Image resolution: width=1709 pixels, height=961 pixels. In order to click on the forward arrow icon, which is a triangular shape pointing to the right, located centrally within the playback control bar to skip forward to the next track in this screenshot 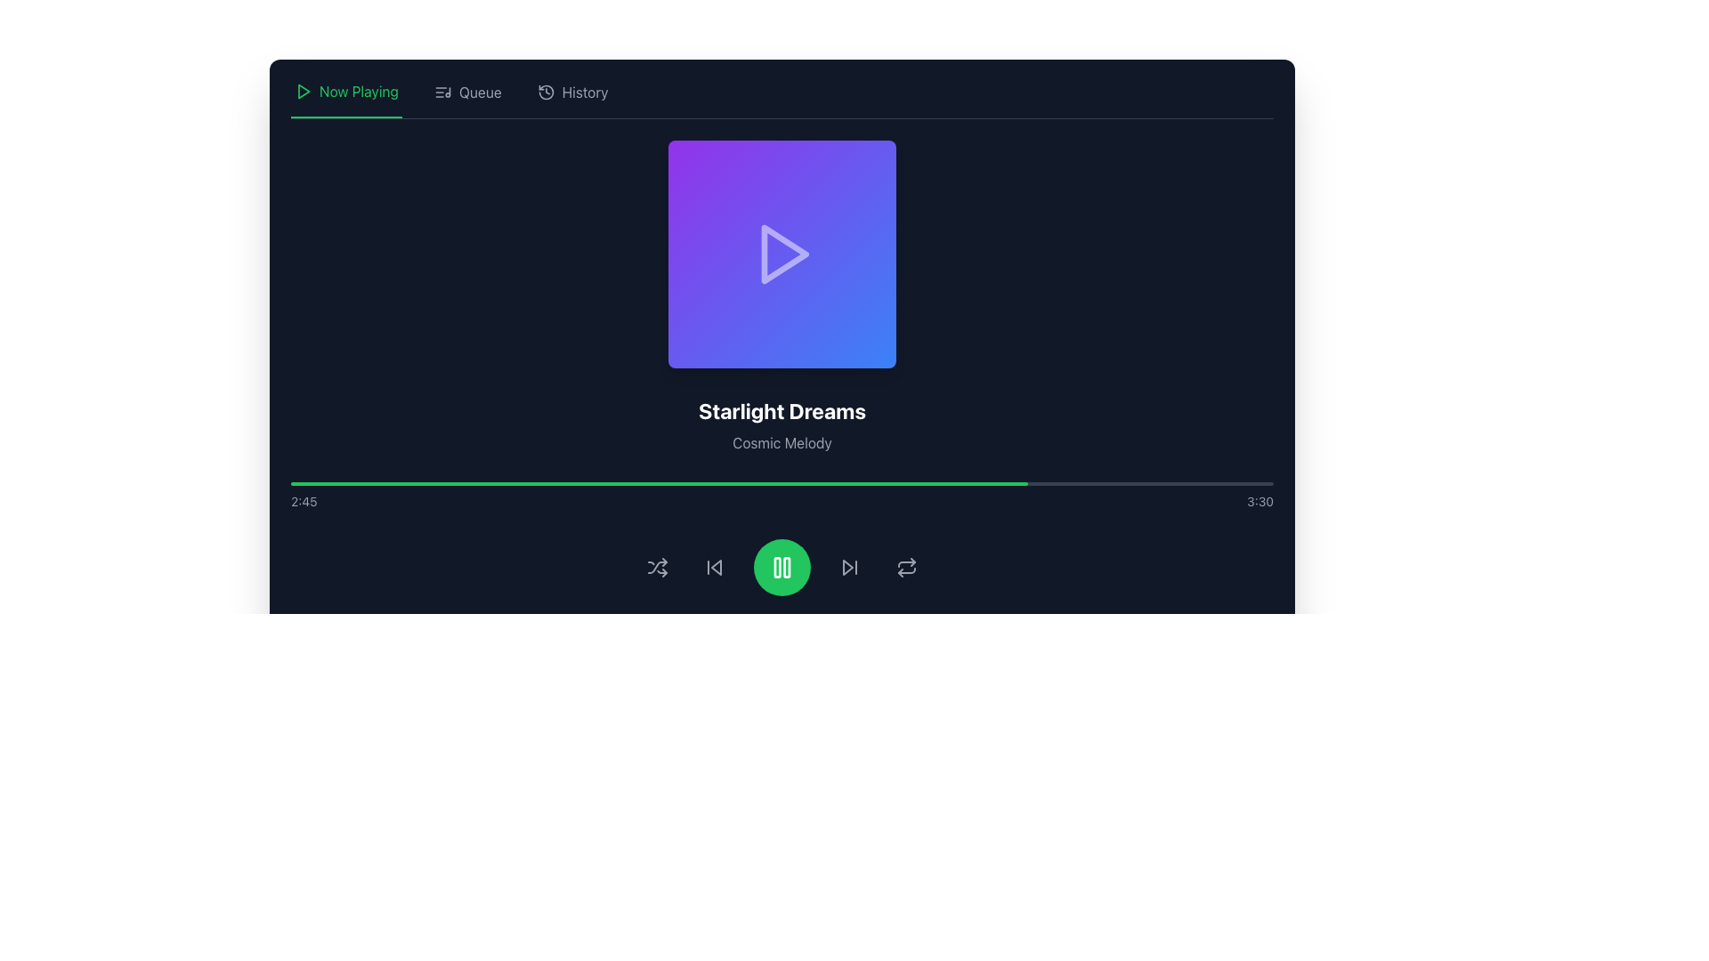, I will do `click(847, 567)`.